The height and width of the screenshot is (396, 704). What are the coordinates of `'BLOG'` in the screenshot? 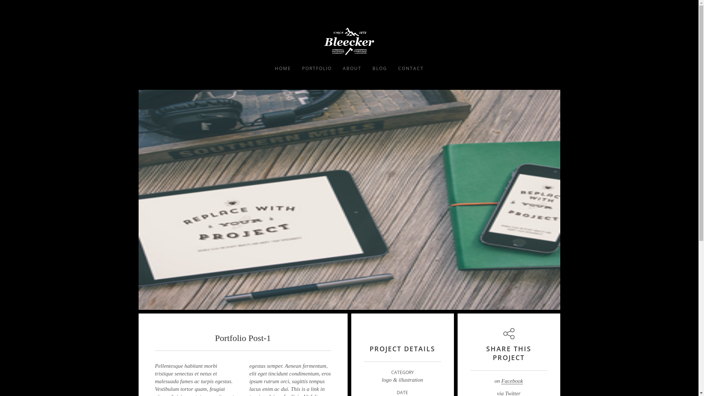 It's located at (379, 68).